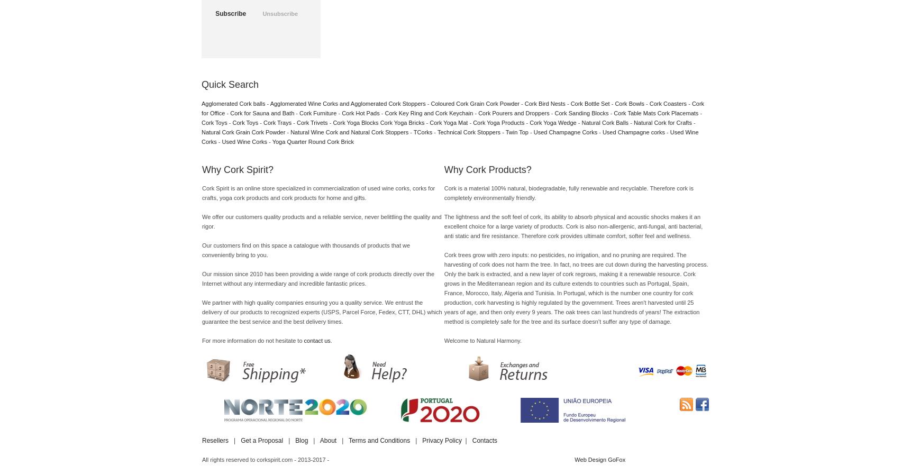 Image resolution: width=911 pixels, height=474 pixels. Describe the element at coordinates (564, 131) in the screenshot. I see `'Used Champagne Corks'` at that location.